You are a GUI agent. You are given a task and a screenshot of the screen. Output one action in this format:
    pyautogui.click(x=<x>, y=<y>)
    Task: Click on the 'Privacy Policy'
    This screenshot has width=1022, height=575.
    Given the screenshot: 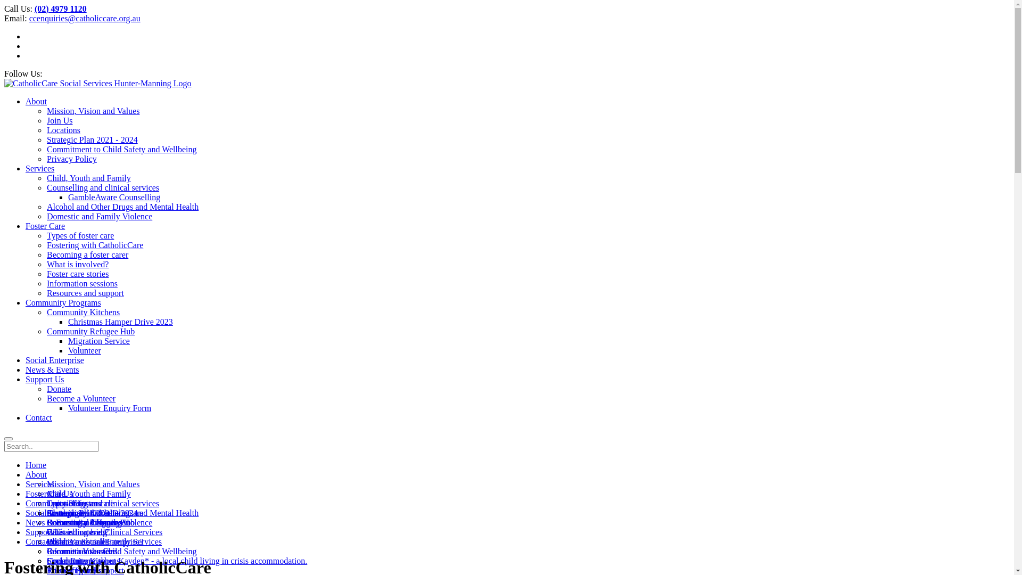 What is the action you would take?
    pyautogui.click(x=71, y=159)
    